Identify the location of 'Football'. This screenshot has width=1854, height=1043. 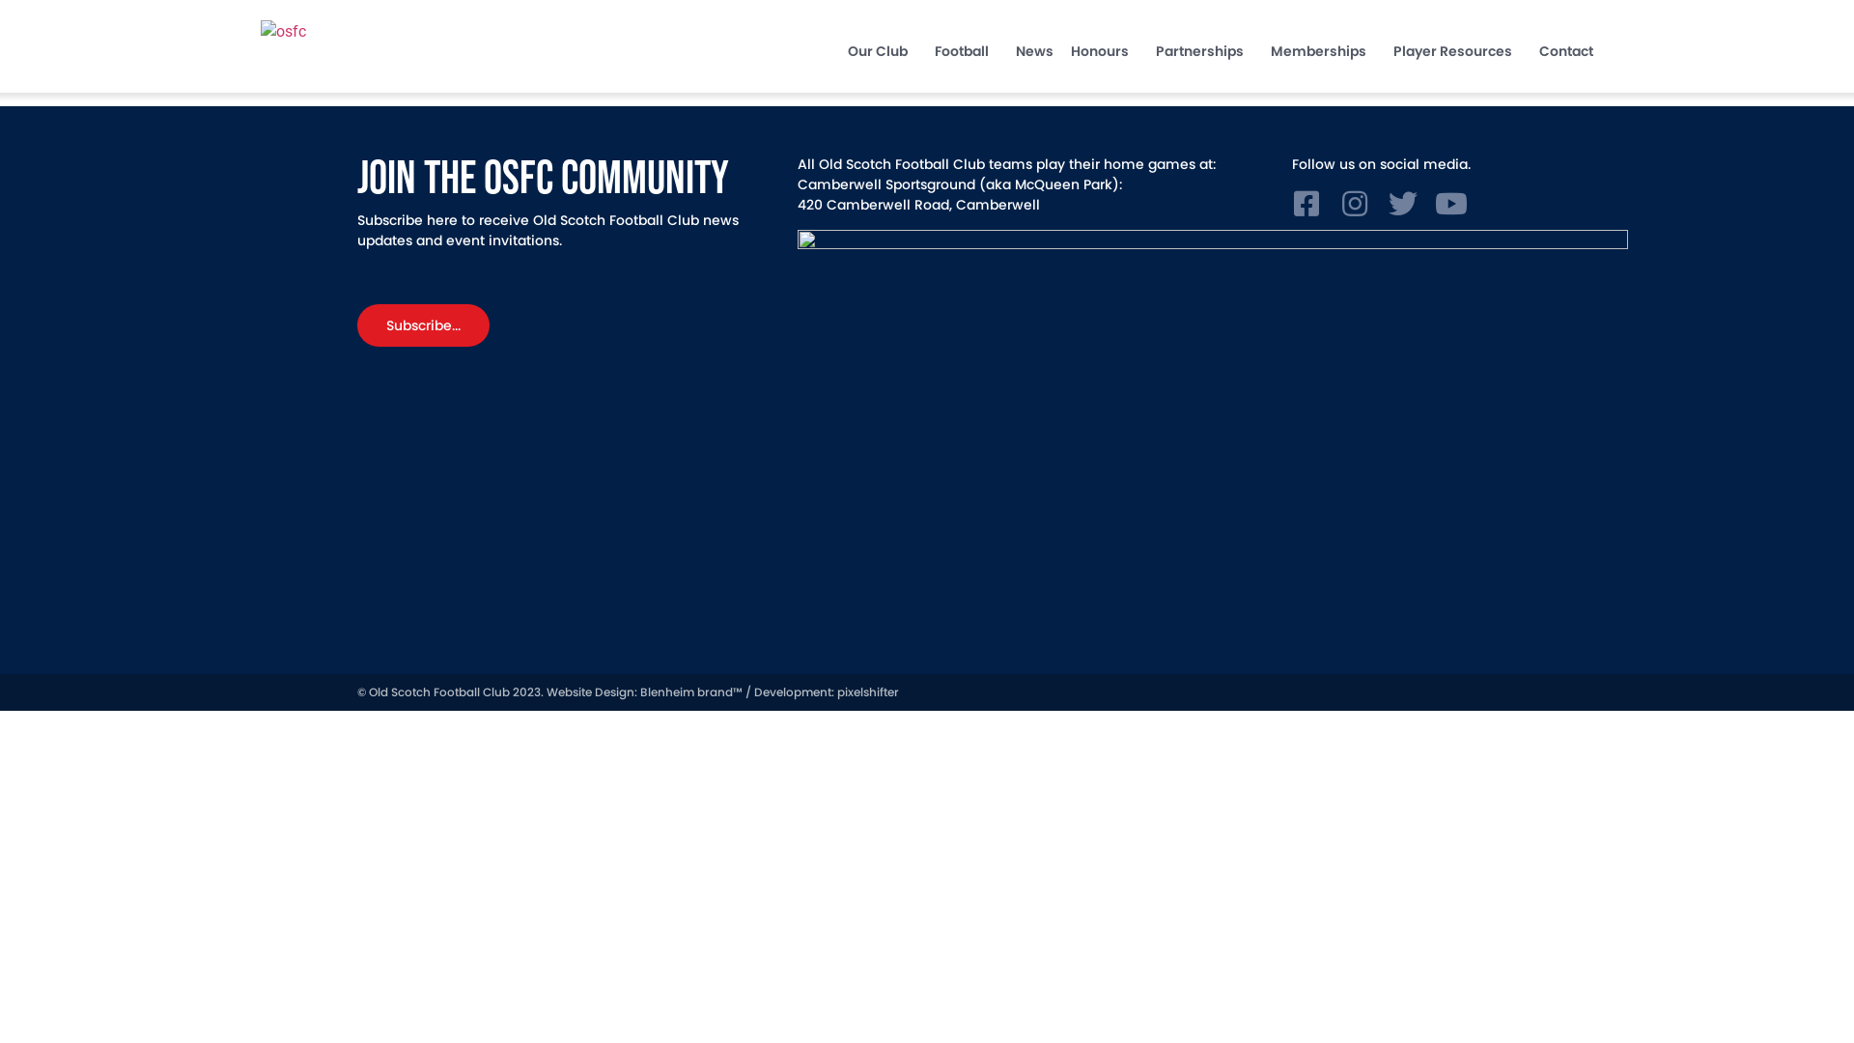
(967, 50).